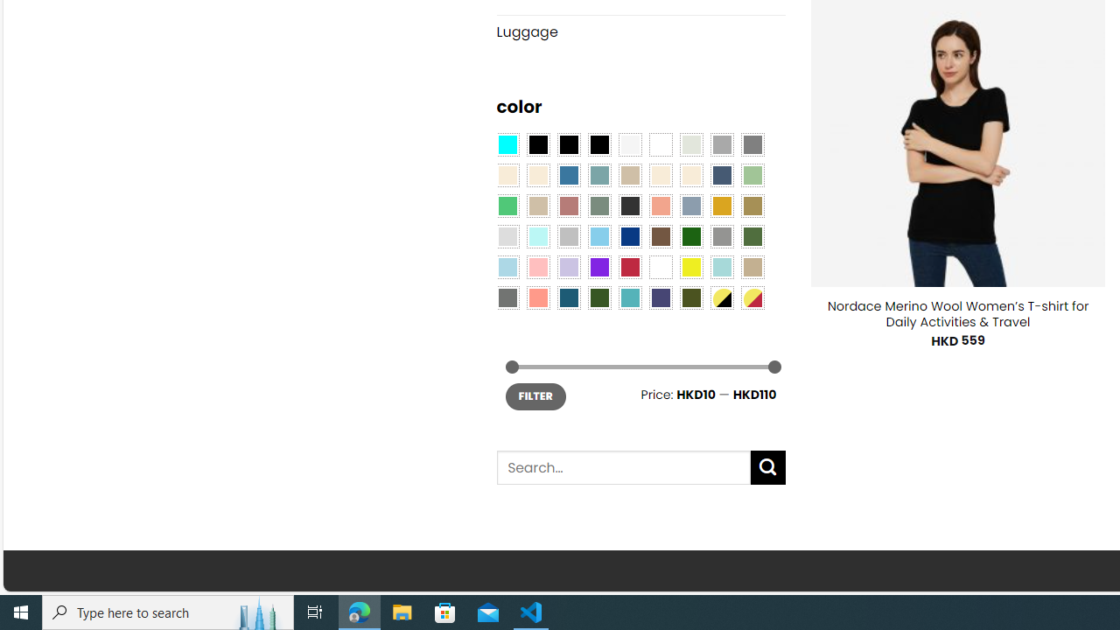 The image size is (1120, 630). Describe the element at coordinates (721, 143) in the screenshot. I see `'Dark Gray'` at that location.